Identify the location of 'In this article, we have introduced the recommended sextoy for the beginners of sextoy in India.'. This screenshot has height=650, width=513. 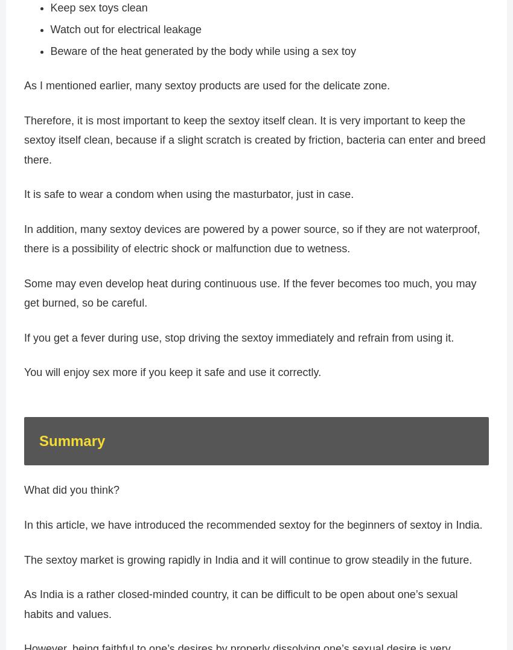
(24, 531).